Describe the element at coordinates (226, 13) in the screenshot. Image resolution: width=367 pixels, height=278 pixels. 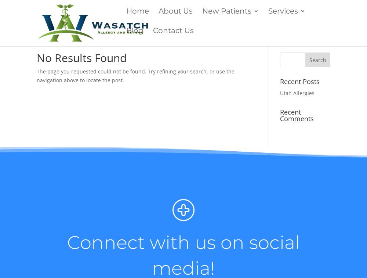
I see `'New Patients'` at that location.